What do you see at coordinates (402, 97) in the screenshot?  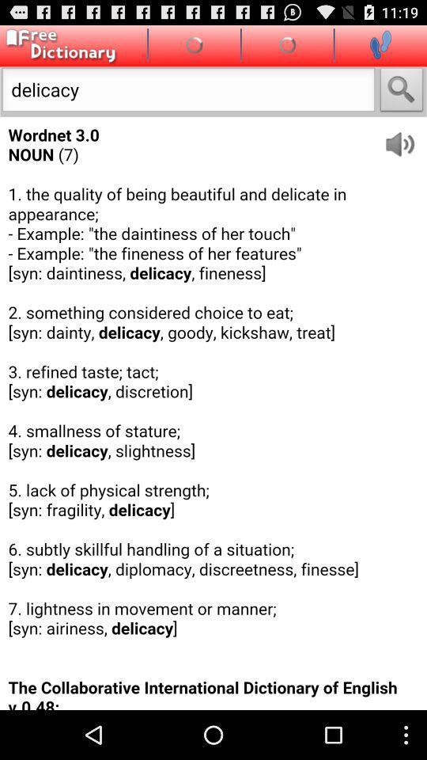 I see `the search icon` at bounding box center [402, 97].